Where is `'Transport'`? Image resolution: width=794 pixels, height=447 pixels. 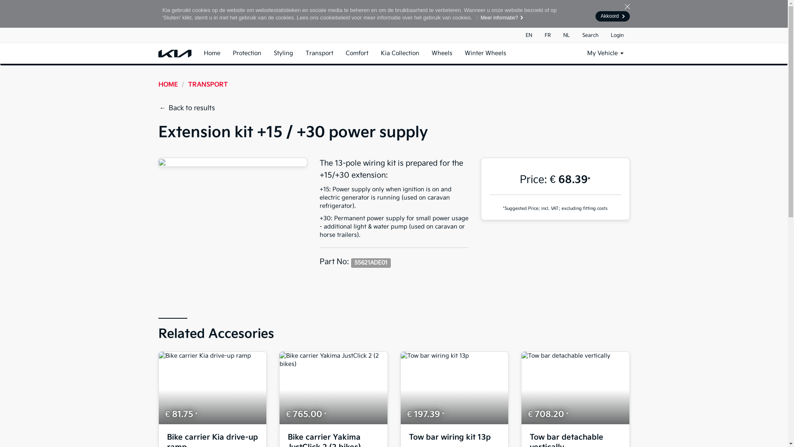 'Transport' is located at coordinates (319, 53).